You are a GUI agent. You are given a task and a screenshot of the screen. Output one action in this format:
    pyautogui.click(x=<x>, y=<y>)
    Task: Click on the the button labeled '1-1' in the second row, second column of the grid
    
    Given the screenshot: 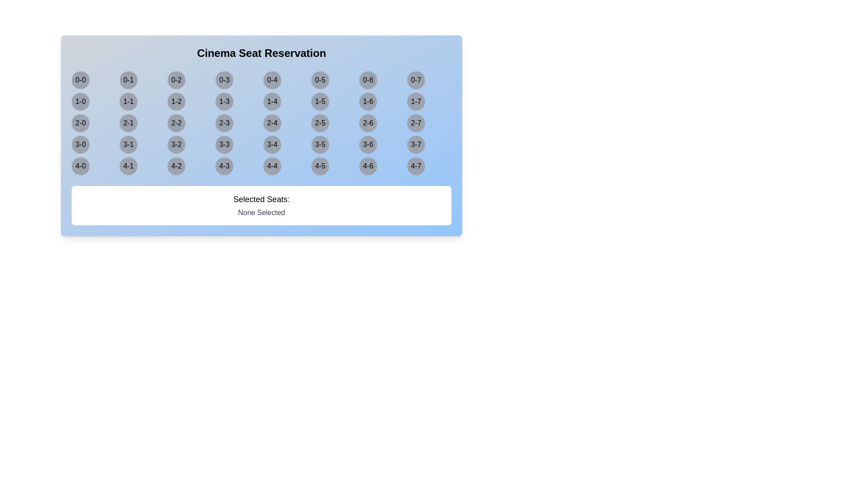 What is the action you would take?
    pyautogui.click(x=128, y=101)
    